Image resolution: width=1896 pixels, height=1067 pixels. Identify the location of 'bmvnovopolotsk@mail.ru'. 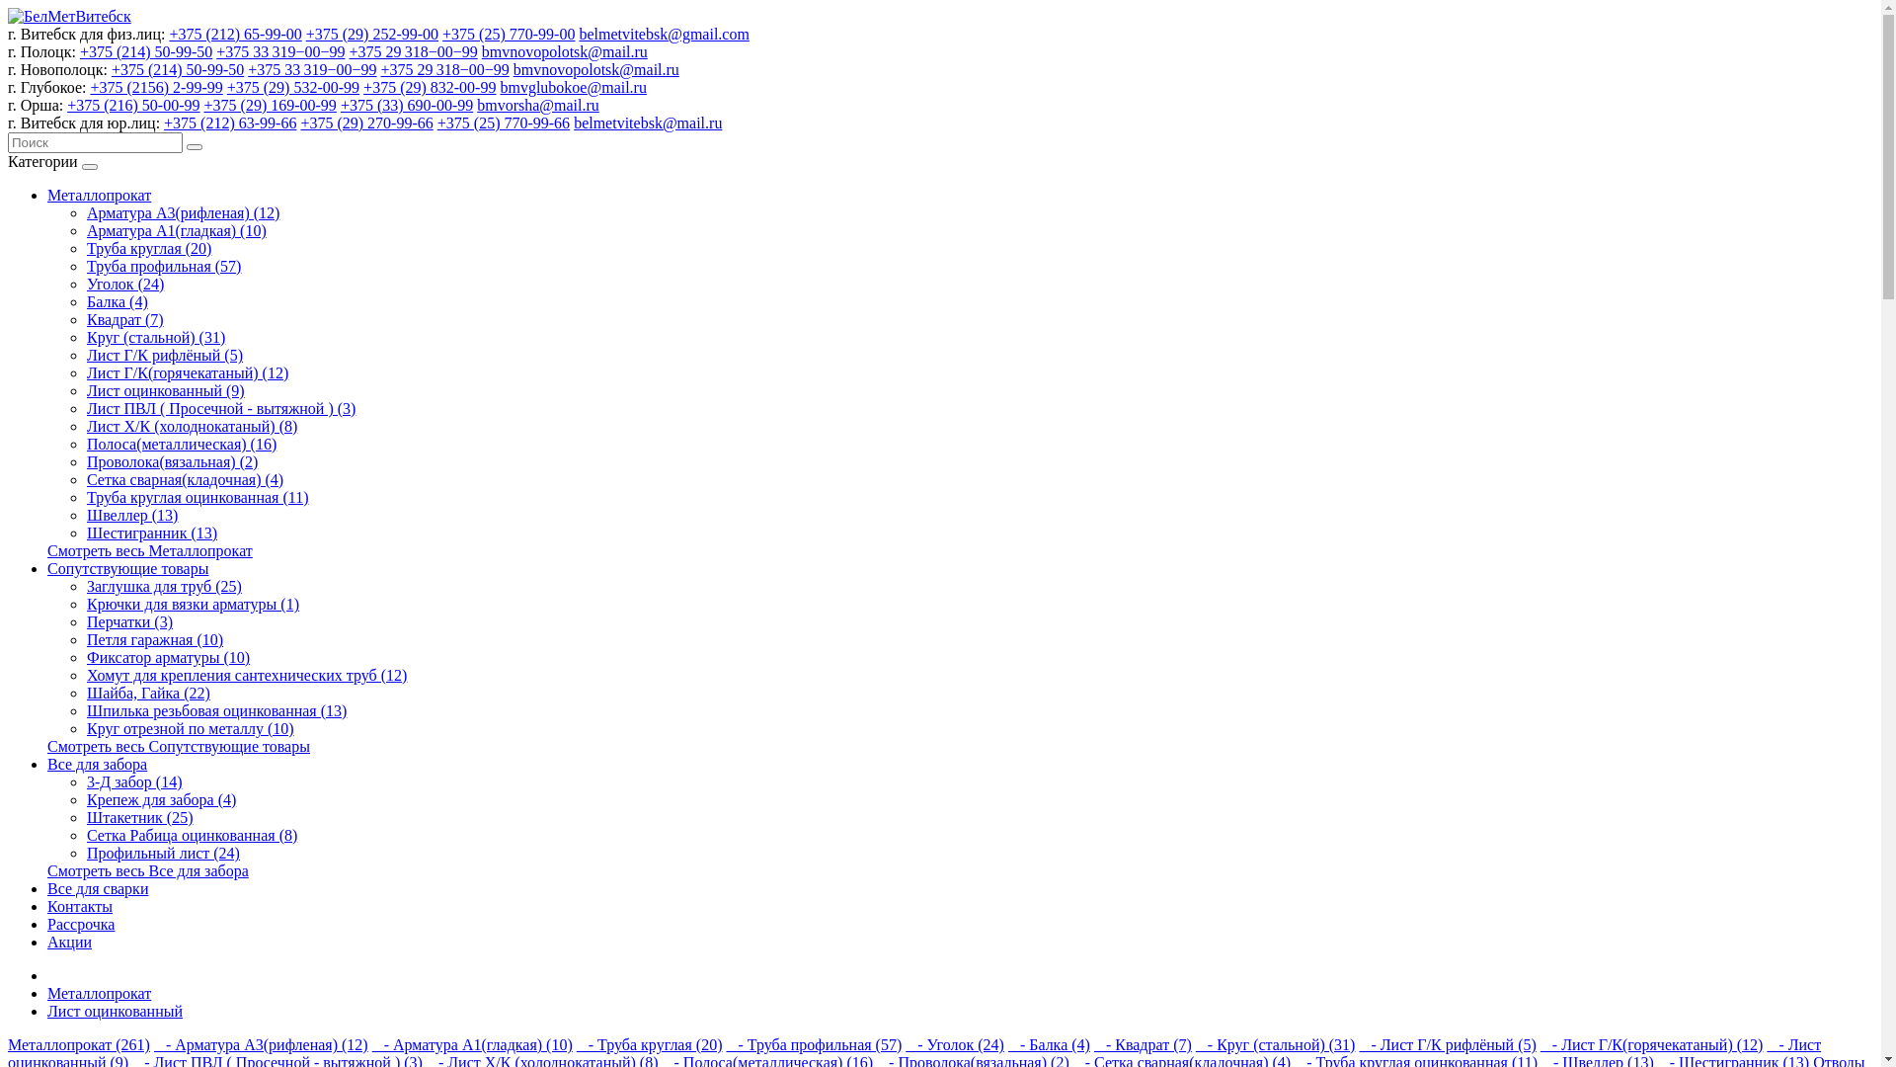
(595, 68).